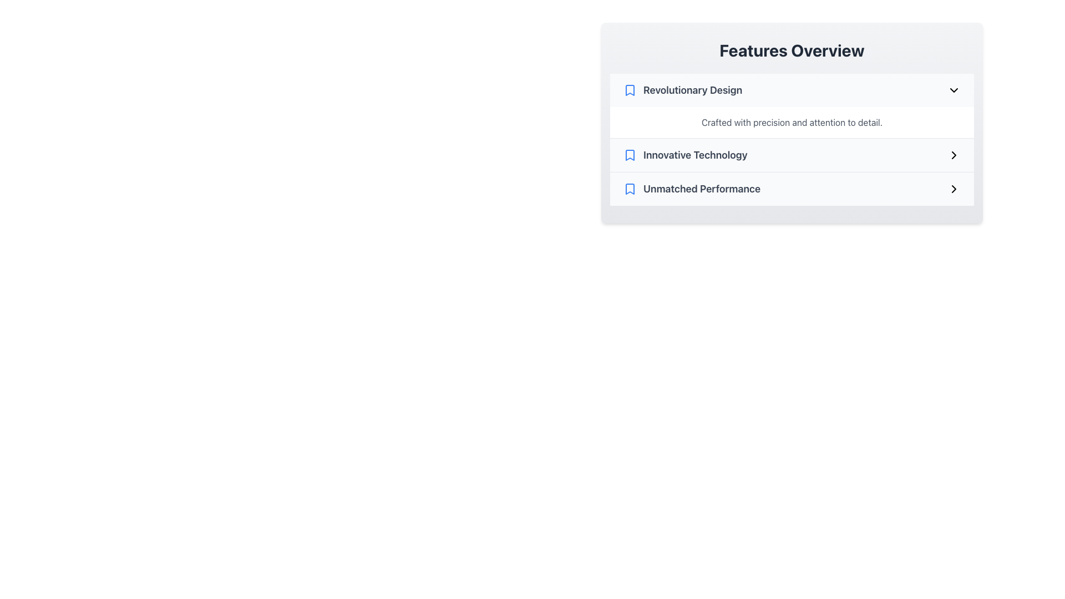 Image resolution: width=1065 pixels, height=599 pixels. What do you see at coordinates (953, 155) in the screenshot?
I see `the interactive icon located at the far right of the row labeled 'Innovative Technology' to trigger tooltip or highlight effects` at bounding box center [953, 155].